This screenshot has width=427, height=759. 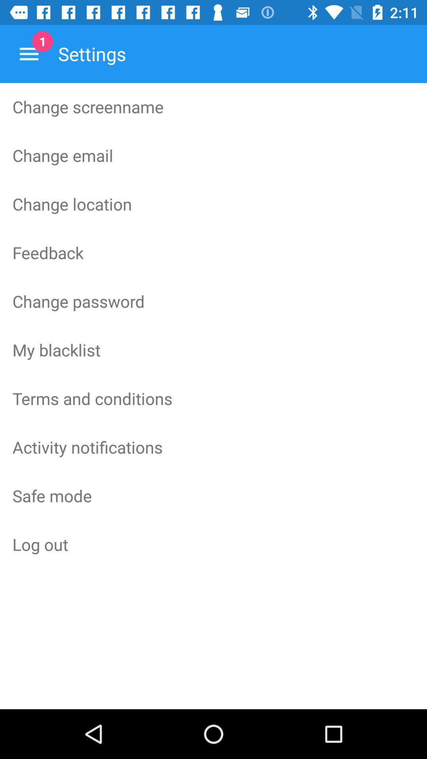 What do you see at coordinates (213, 252) in the screenshot?
I see `feedback item` at bounding box center [213, 252].